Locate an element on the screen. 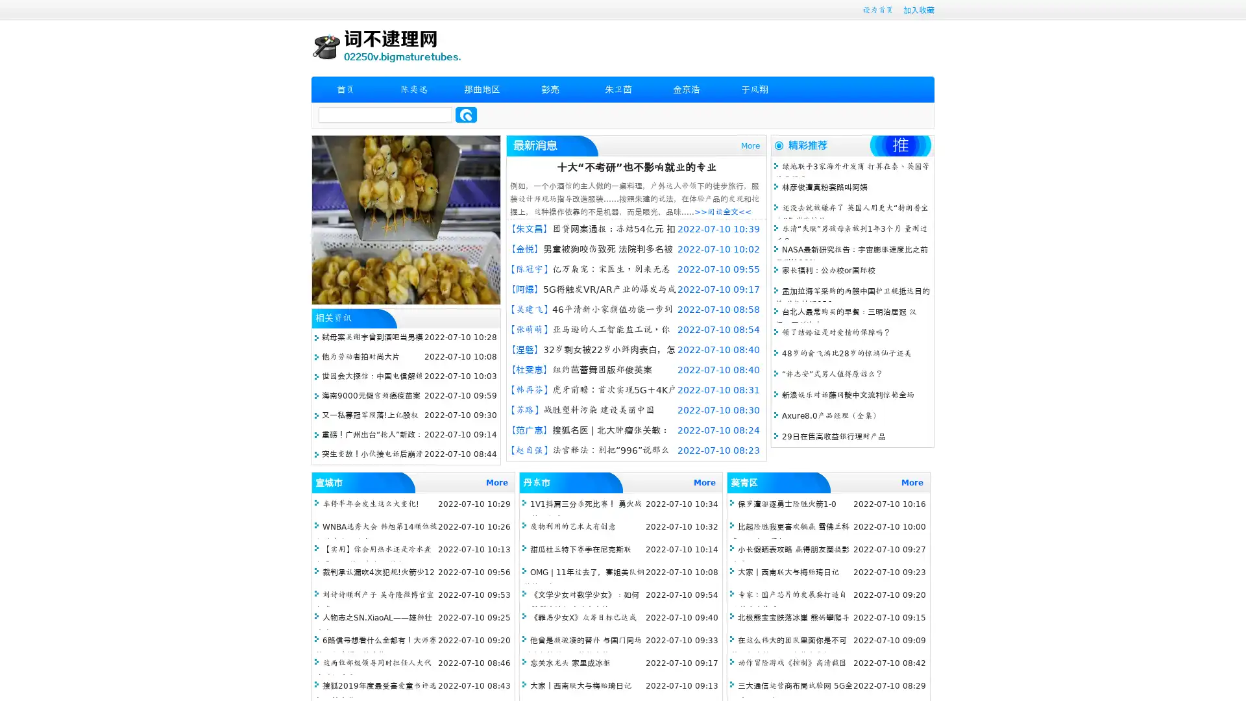  Search is located at coordinates (466, 114).